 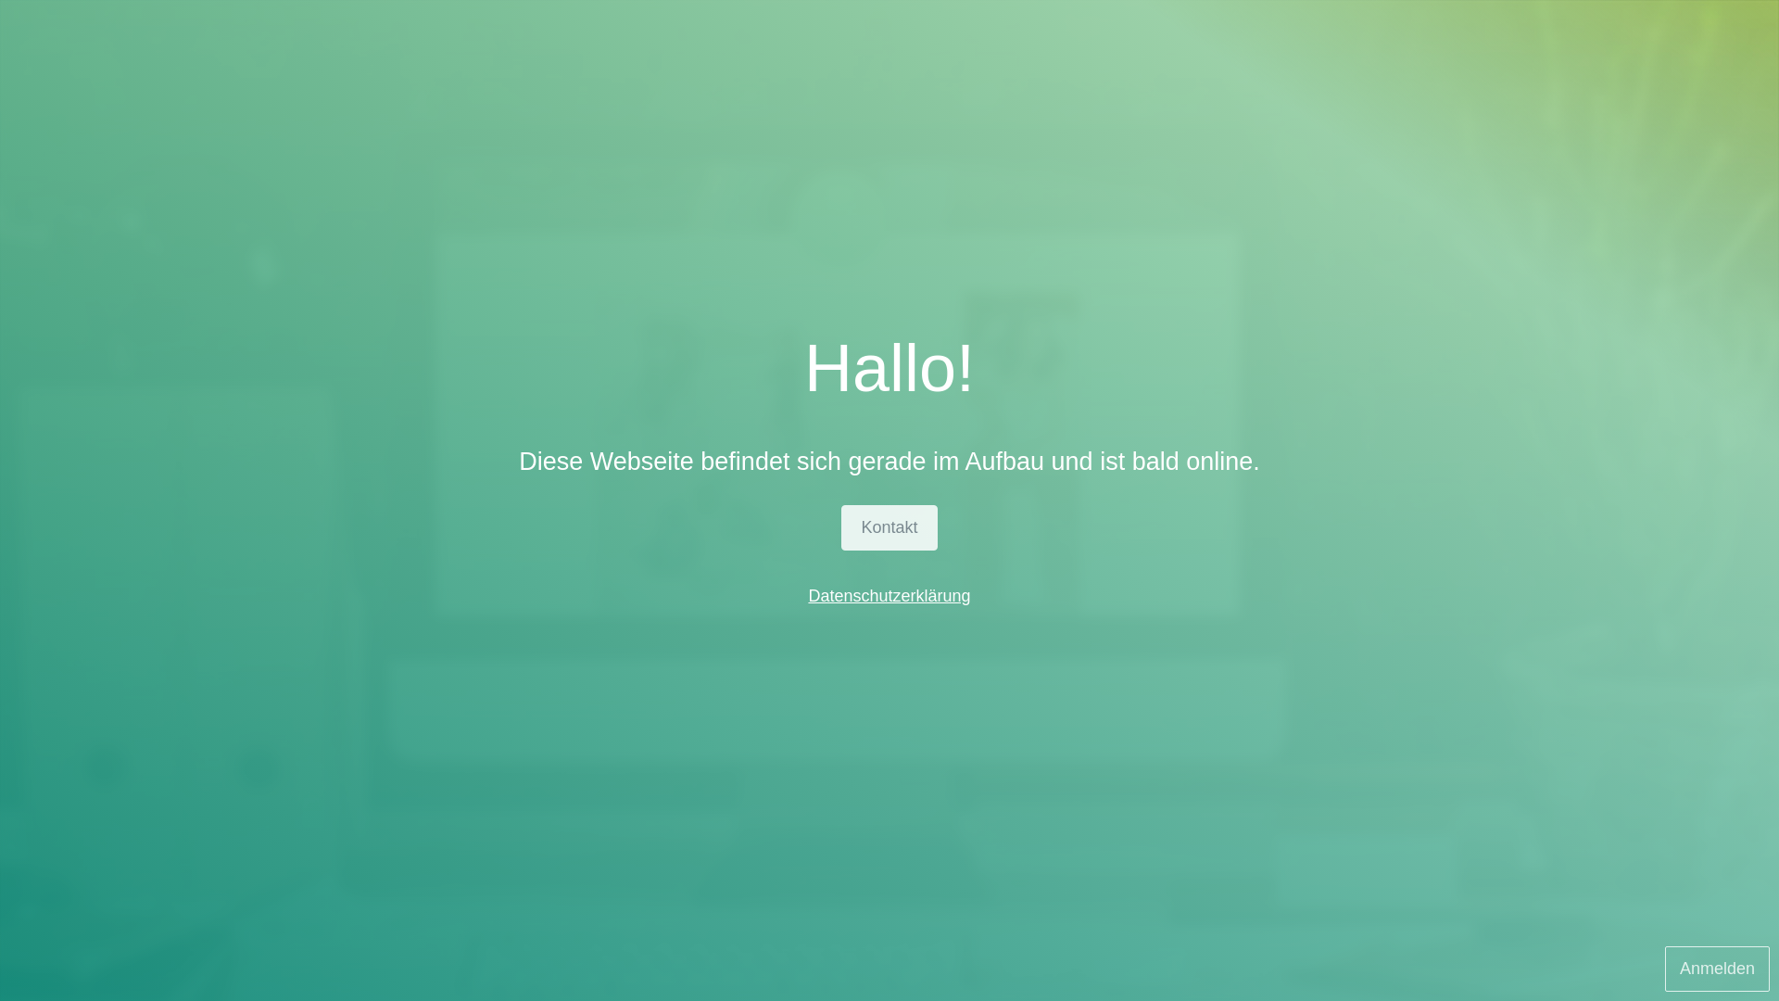 What do you see at coordinates (1716, 968) in the screenshot?
I see `'Anmelden'` at bounding box center [1716, 968].